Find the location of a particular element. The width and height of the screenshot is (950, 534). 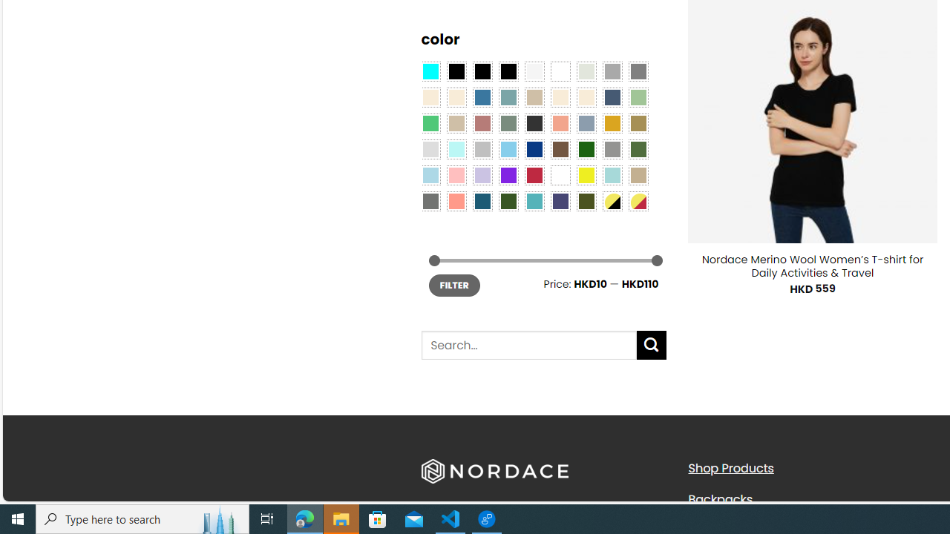

'Blue' is located at coordinates (482, 97).